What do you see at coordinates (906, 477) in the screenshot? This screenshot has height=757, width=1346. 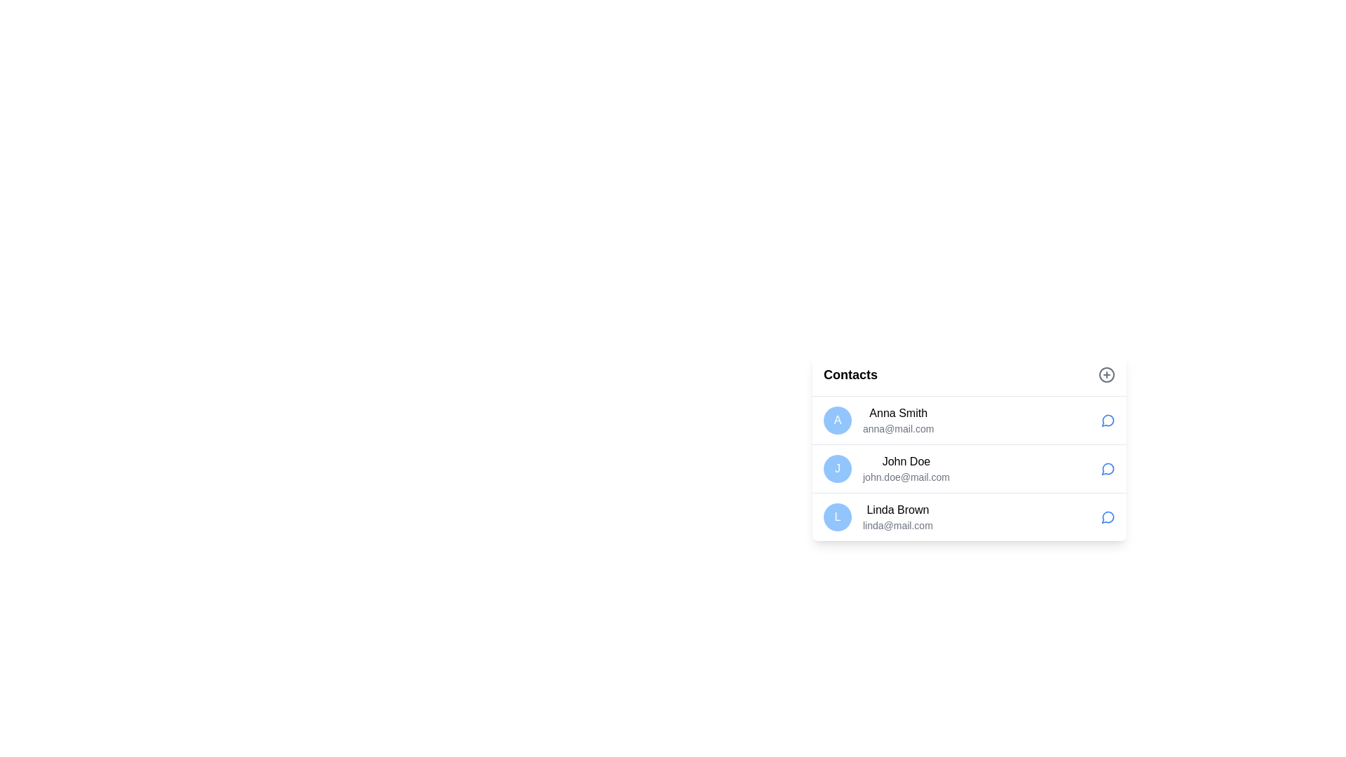 I see `the email address field of the contact entry for 'John Doe'` at bounding box center [906, 477].